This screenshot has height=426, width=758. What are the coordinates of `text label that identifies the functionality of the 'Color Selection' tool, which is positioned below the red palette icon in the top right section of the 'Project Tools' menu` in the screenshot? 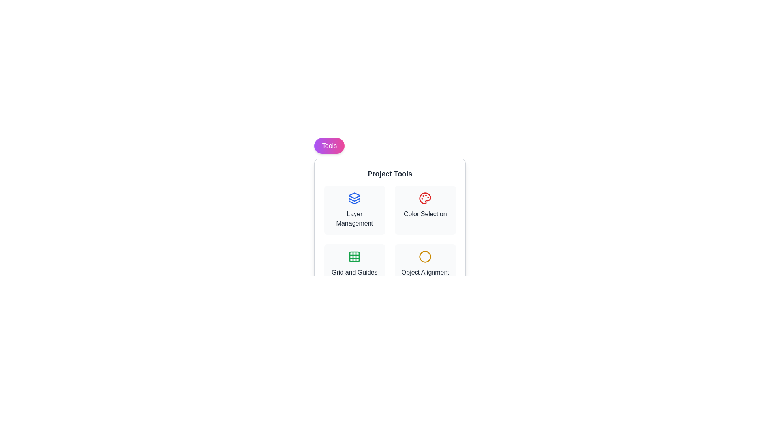 It's located at (425, 214).